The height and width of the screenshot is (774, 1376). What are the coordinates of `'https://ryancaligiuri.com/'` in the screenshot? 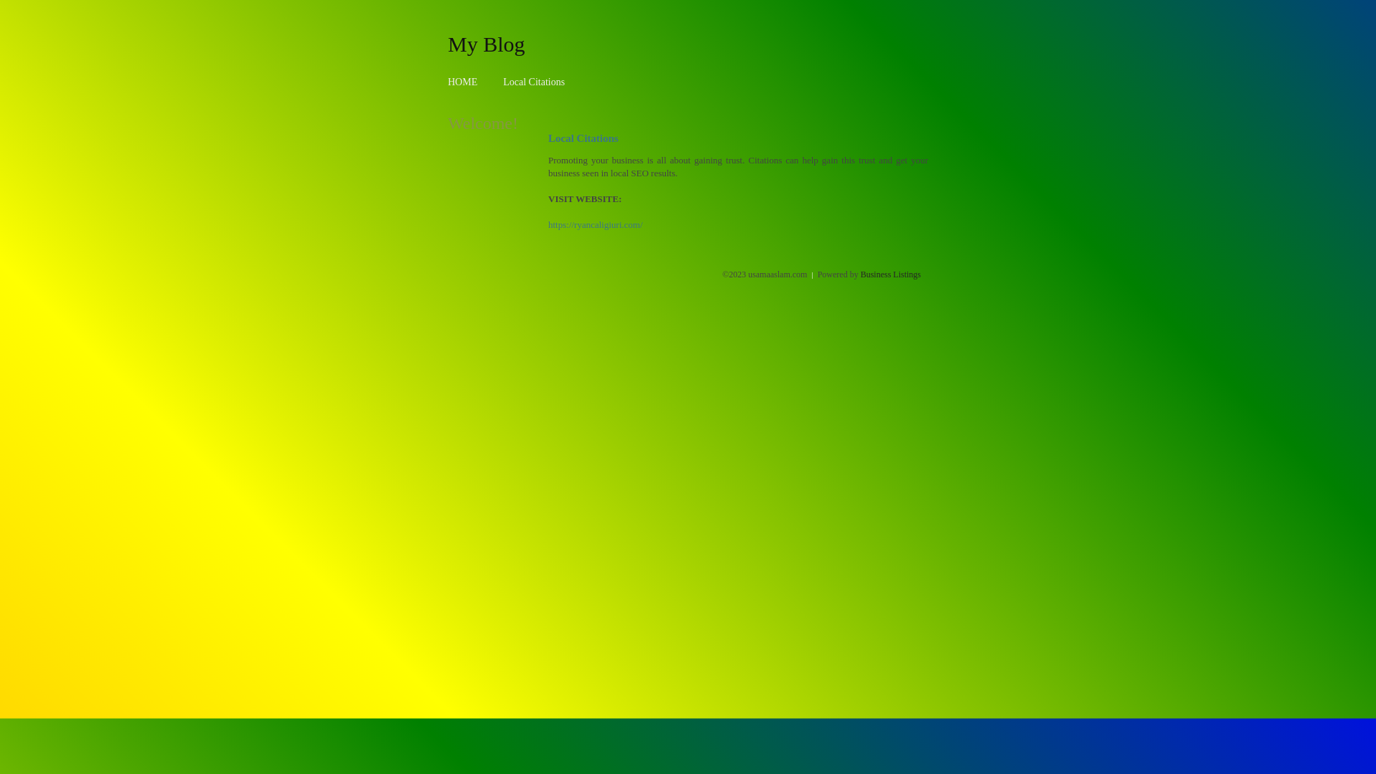 It's located at (595, 224).